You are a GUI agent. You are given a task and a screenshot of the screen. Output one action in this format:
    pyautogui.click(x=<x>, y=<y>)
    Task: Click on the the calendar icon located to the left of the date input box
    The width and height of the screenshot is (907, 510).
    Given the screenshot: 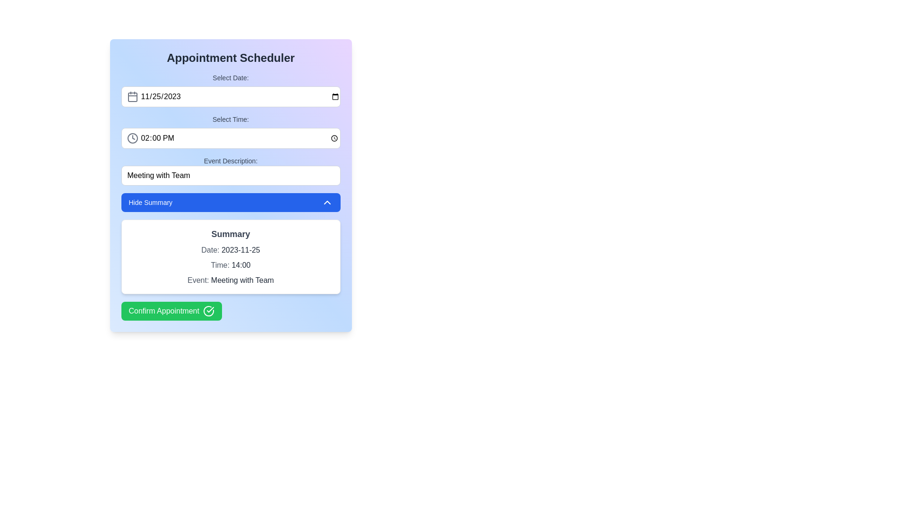 What is the action you would take?
    pyautogui.click(x=132, y=96)
    